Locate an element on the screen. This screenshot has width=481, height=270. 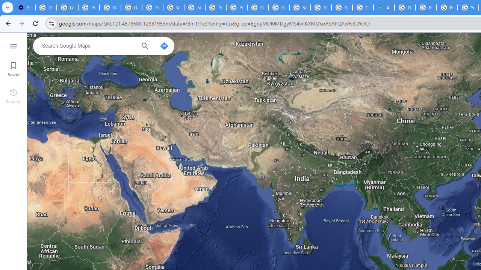
'Settings - Performance' is located at coordinates (24, 7).